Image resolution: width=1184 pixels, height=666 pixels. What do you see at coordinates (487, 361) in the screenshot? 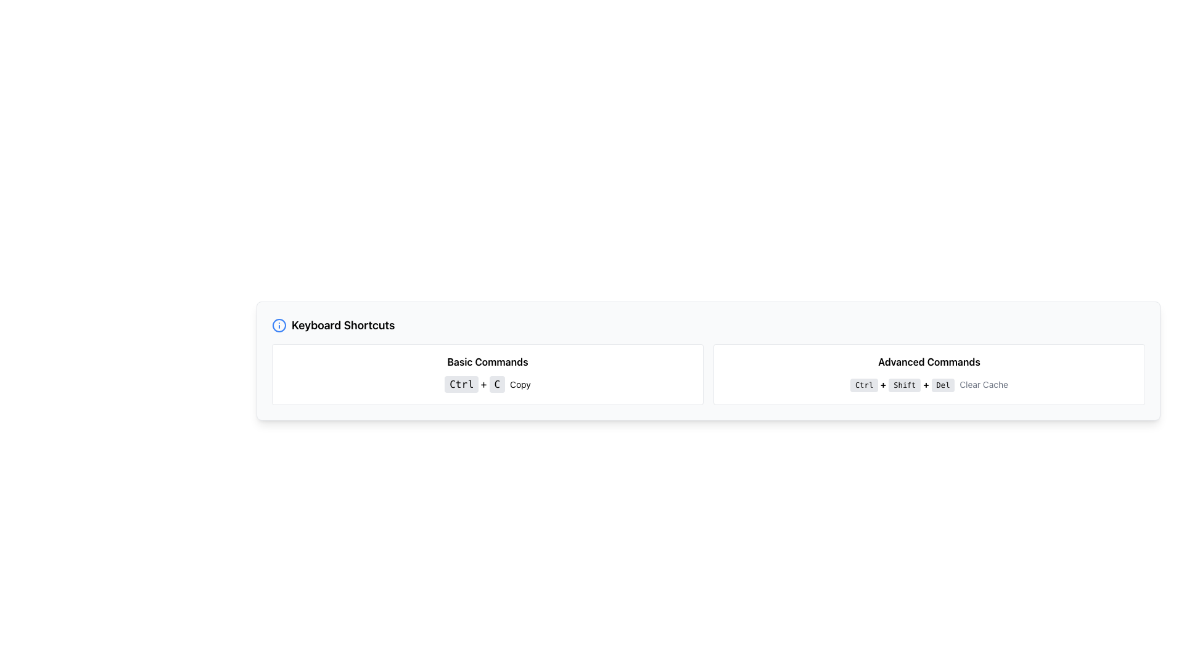
I see `the text label displaying the title 'Basic Commands', which is prominently styled in bold and medium-sized font, located near the top center of the left panel above the list of keyboard shortcuts` at bounding box center [487, 361].